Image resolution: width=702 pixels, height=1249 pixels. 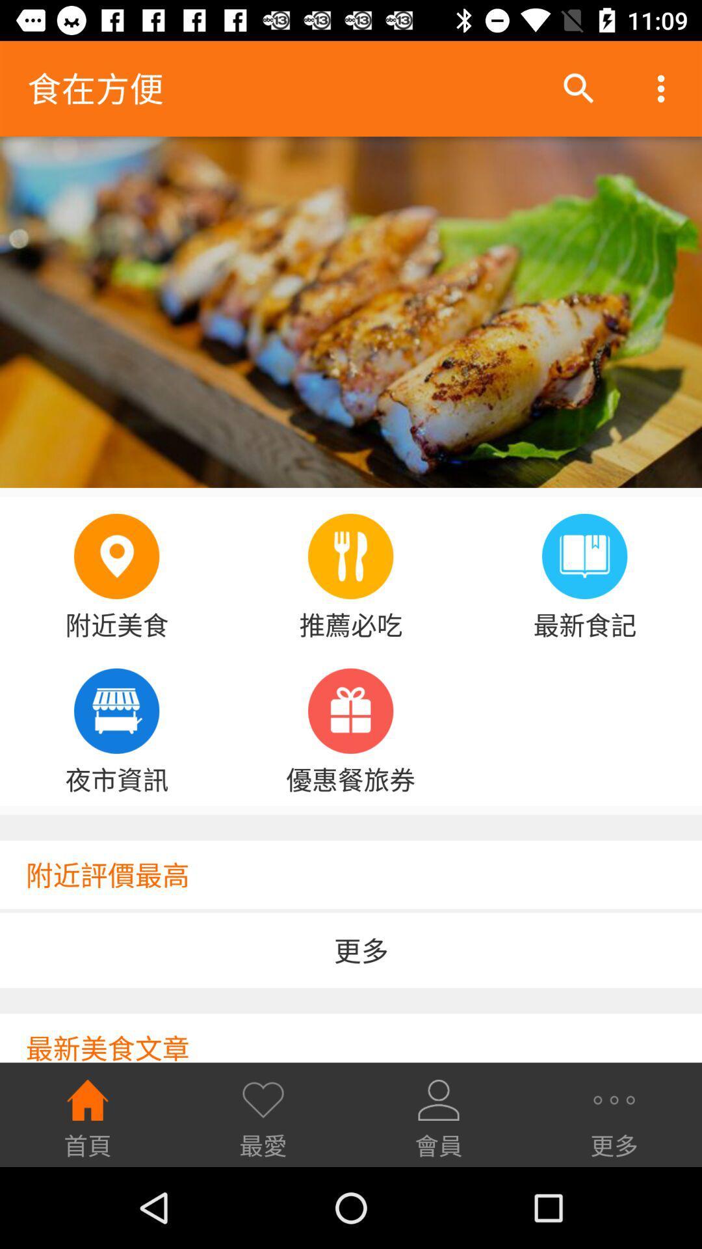 I want to click on the fourth icon below the image, so click(x=116, y=710).